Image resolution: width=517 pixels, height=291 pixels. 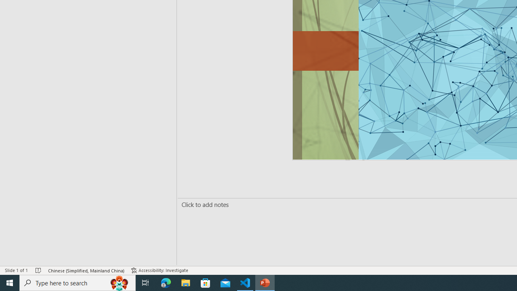 I want to click on 'Accessibility Checker Accessibility: Investigate', so click(x=160, y=270).